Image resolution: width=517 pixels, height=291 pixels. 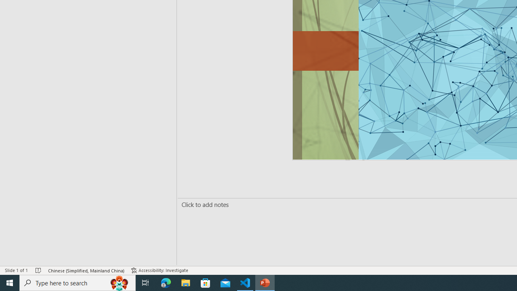 I want to click on 'Accessibility Checker Accessibility: Investigate', so click(x=160, y=270).